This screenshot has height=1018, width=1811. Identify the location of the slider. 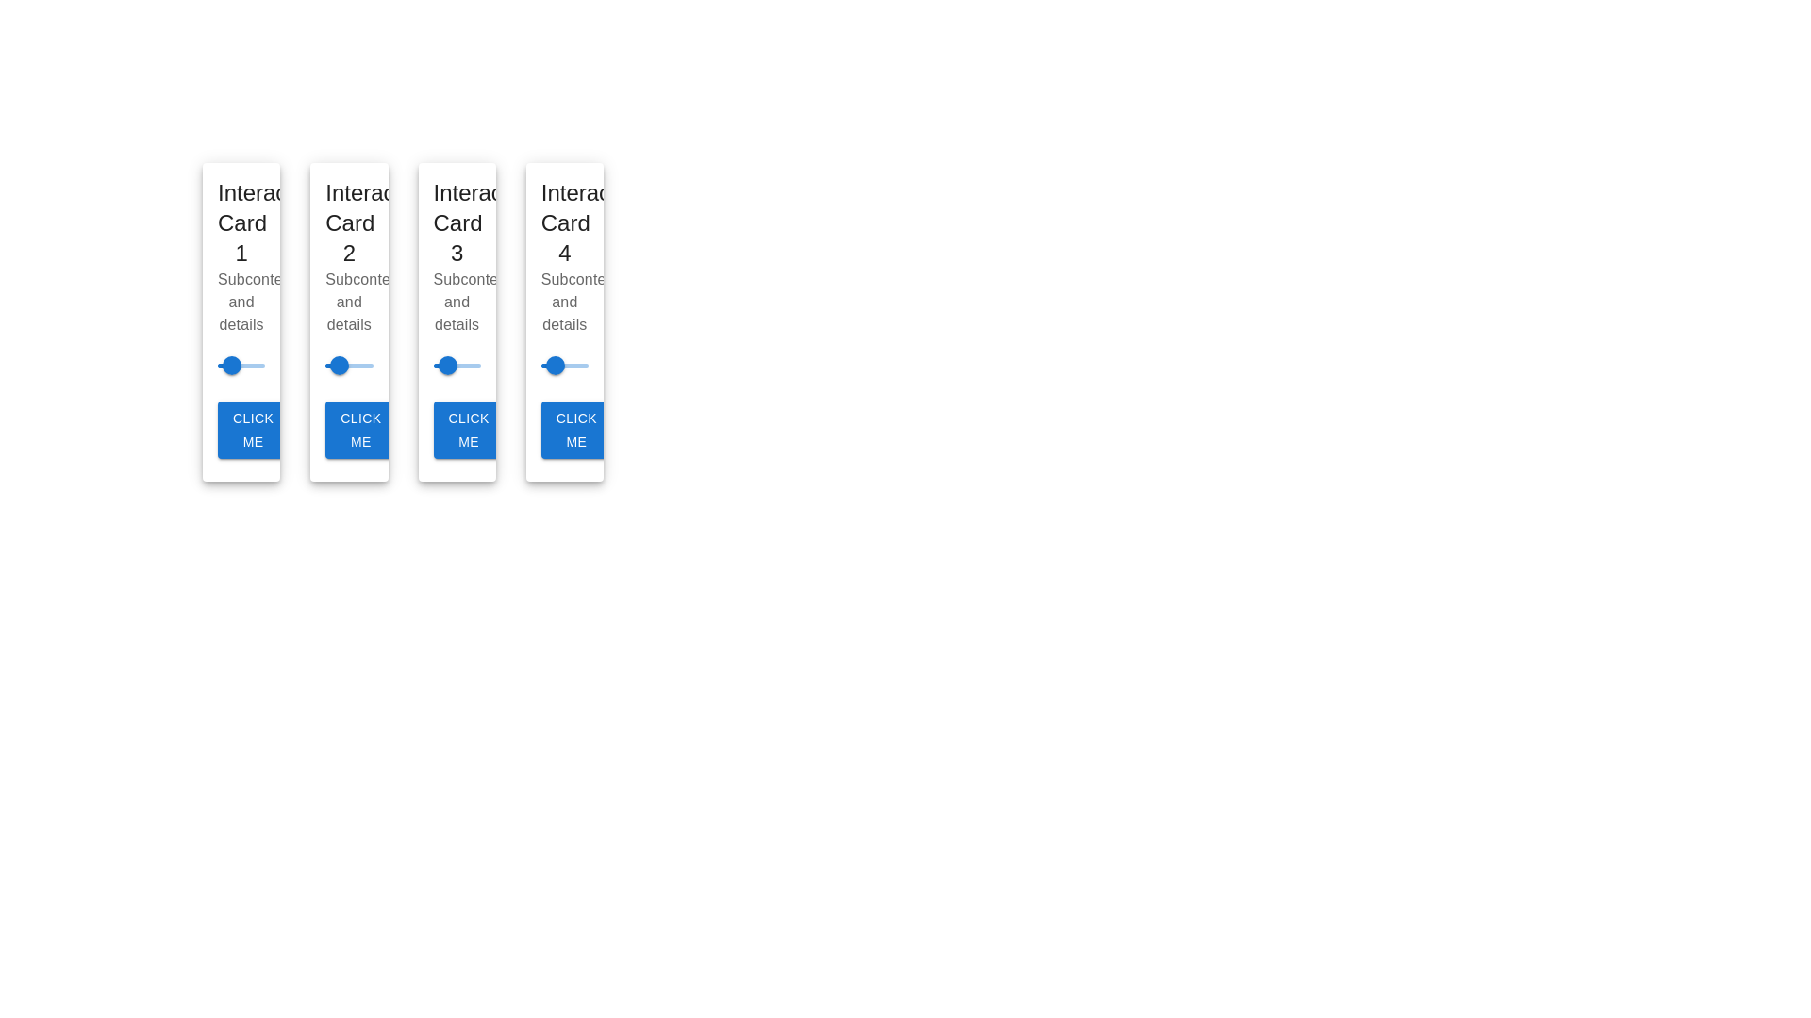
(343, 366).